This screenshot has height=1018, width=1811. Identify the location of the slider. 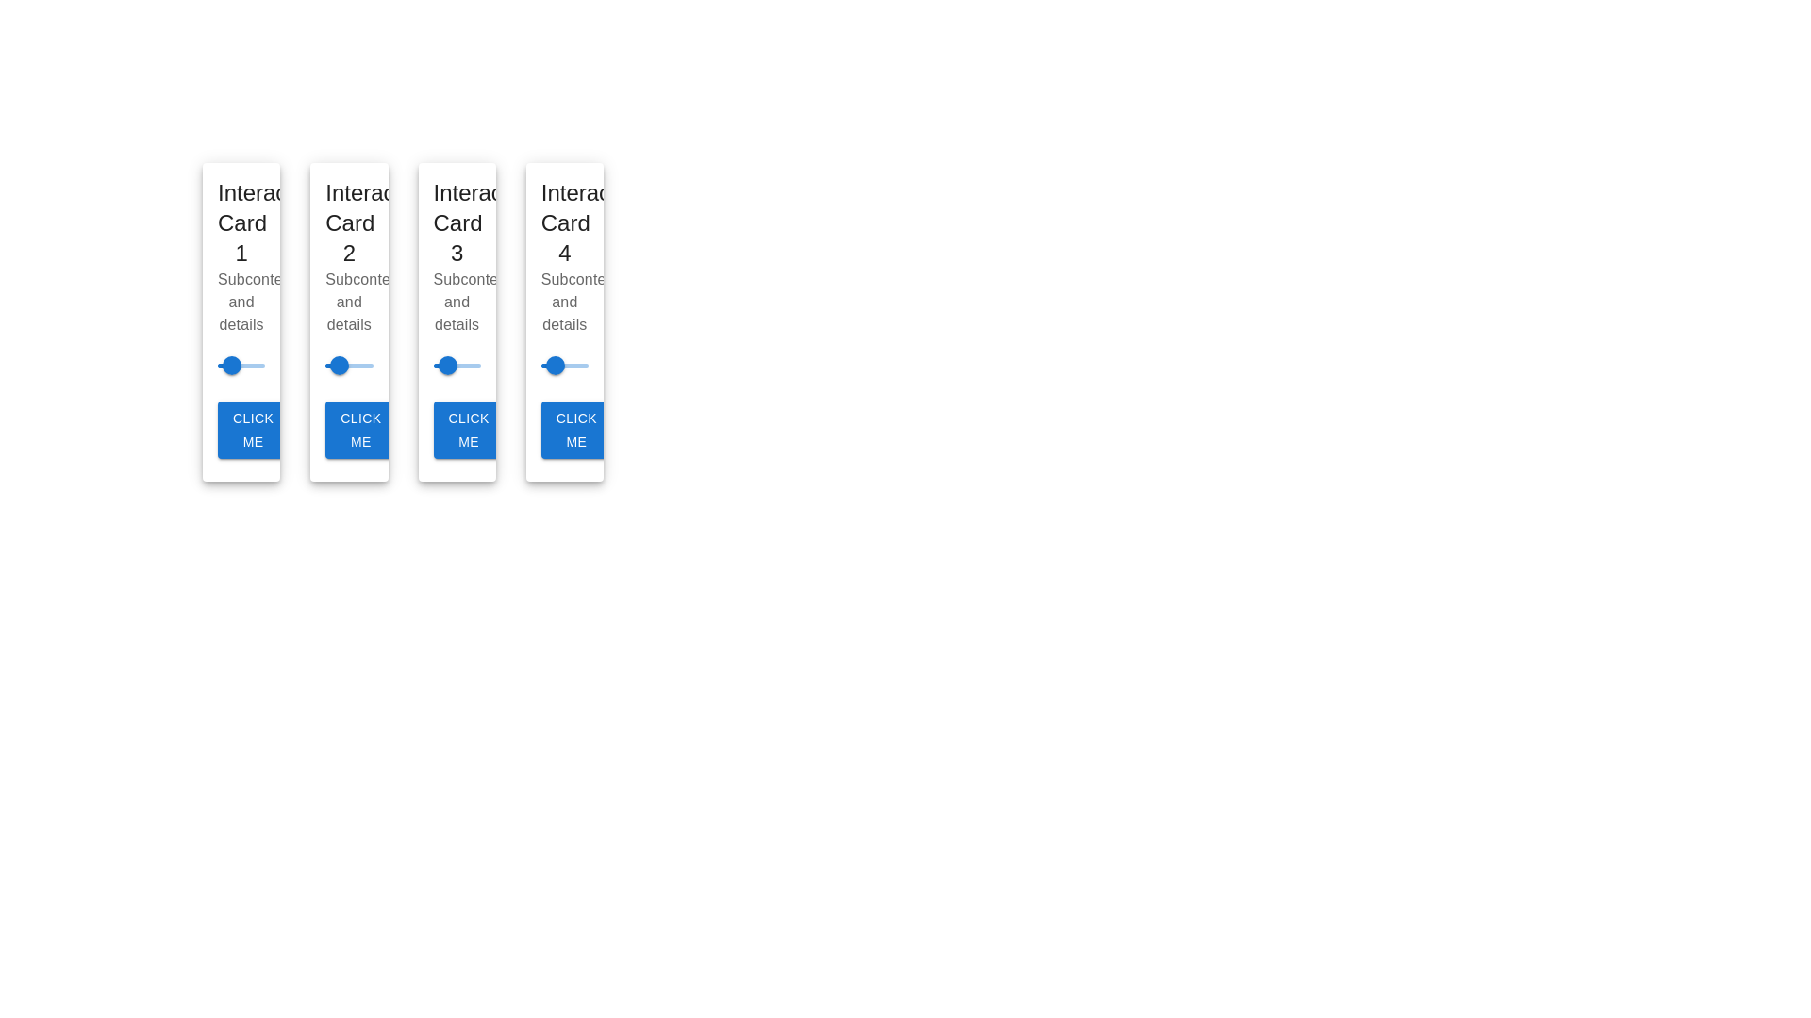
(343, 366).